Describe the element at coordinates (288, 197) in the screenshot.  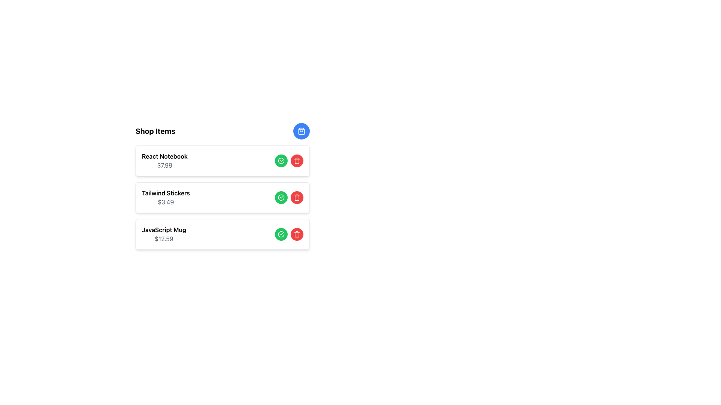
I see `the interactive component consisting of two buttons (approve and delete)` at that location.